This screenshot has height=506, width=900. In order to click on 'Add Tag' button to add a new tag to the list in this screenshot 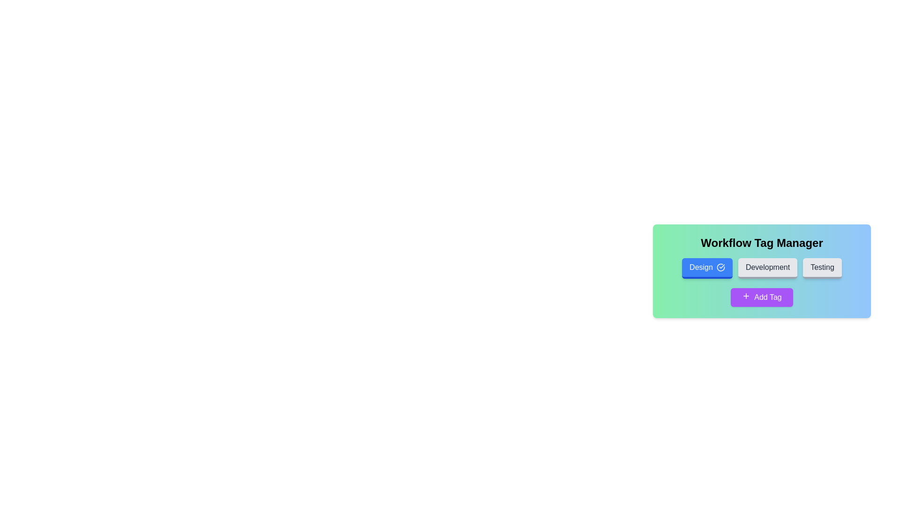, I will do `click(762, 298)`.